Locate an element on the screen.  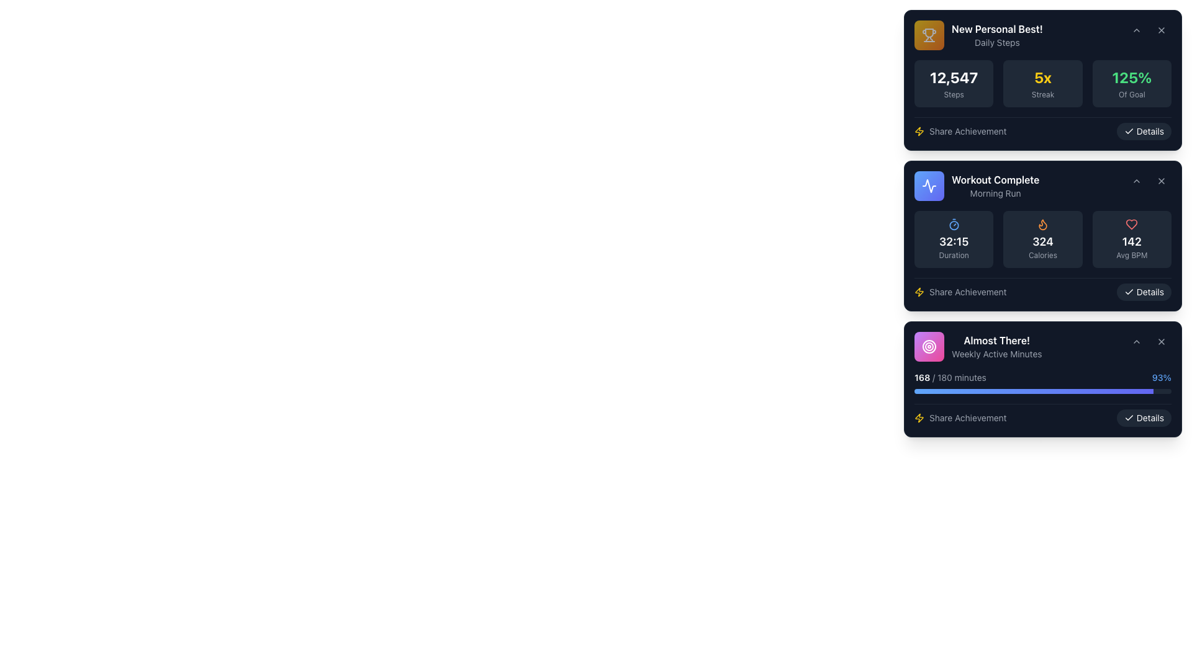
the small circular close button with a dark background and light 'X' icon, positioned at the top-right corner of the card titled 'Almost There!' is located at coordinates (1161, 342).